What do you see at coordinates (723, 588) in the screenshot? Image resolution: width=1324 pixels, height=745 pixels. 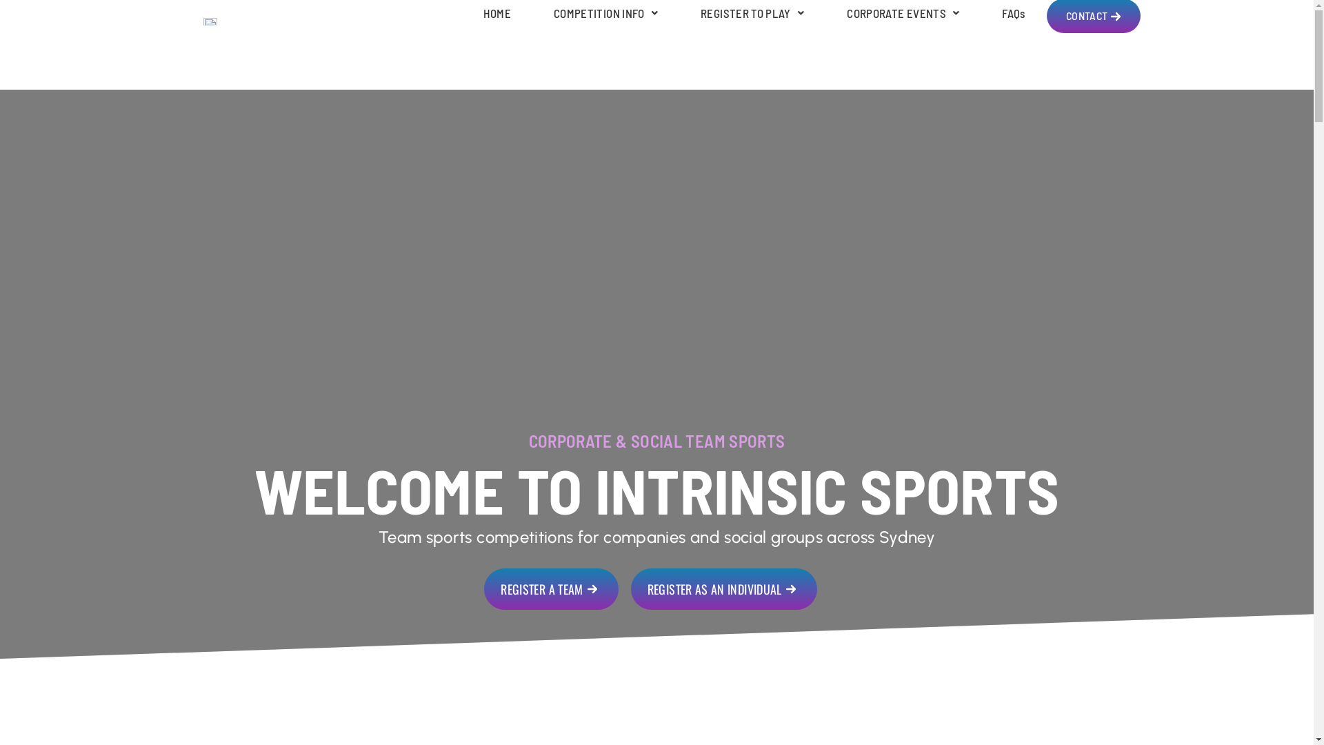 I see `'REGISTER AS AN INDIVIDUAL'` at bounding box center [723, 588].